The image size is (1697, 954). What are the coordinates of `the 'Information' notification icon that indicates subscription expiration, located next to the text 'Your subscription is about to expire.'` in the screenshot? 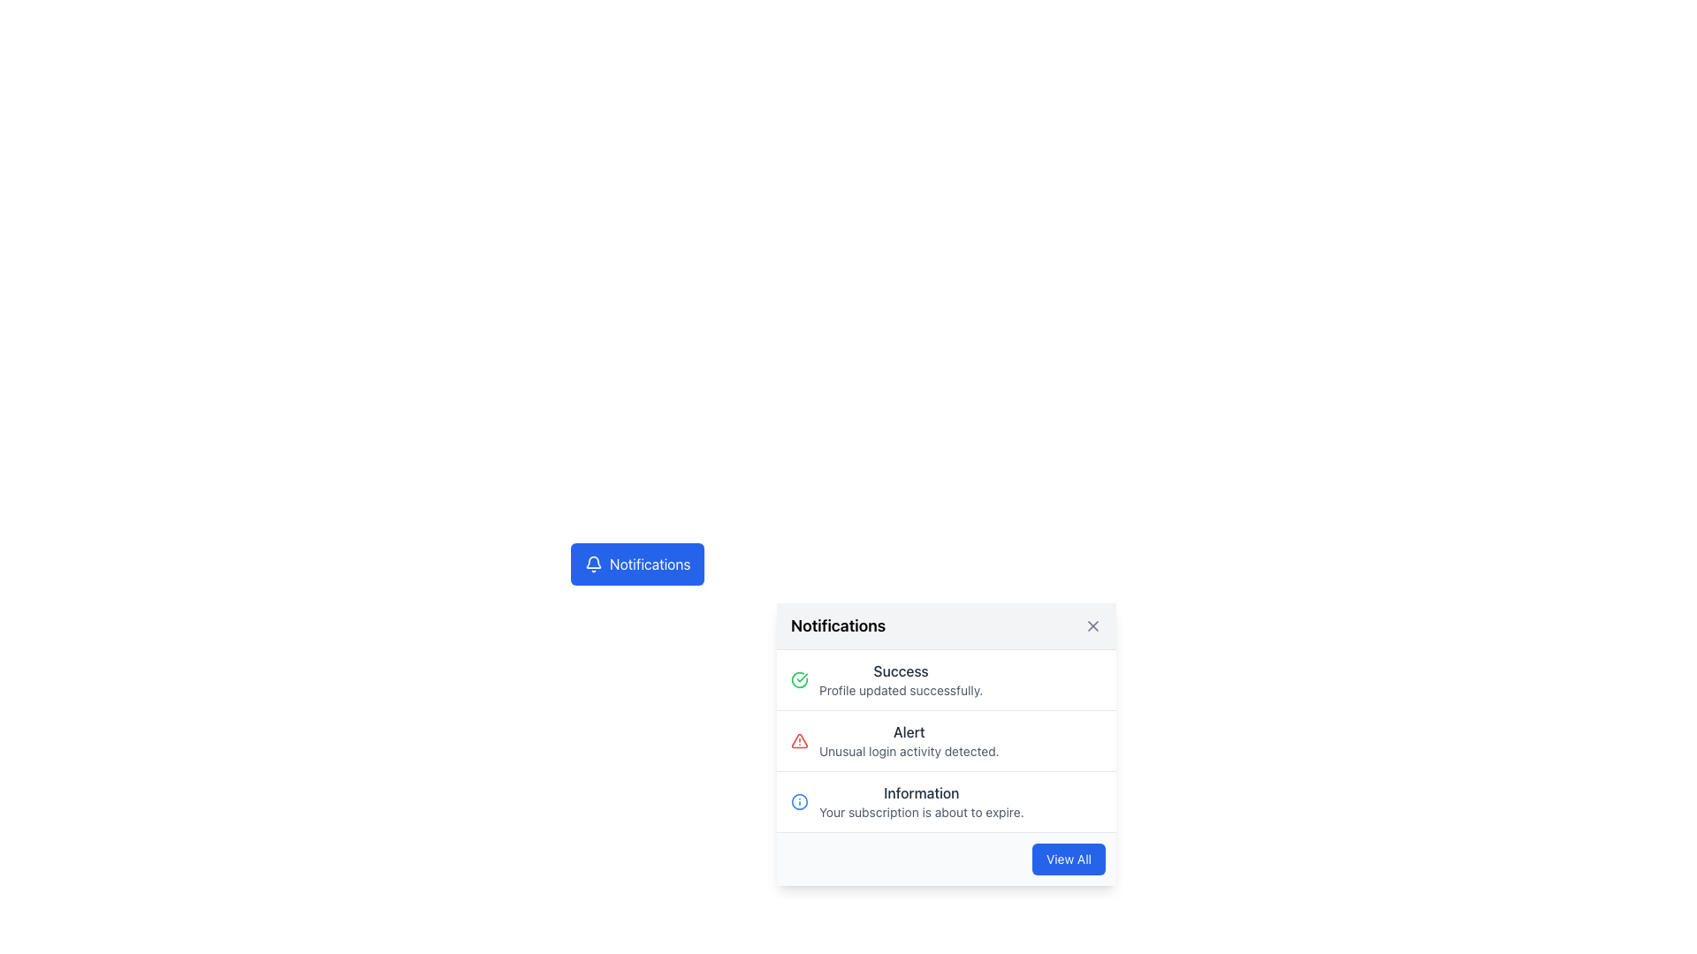 It's located at (799, 801).